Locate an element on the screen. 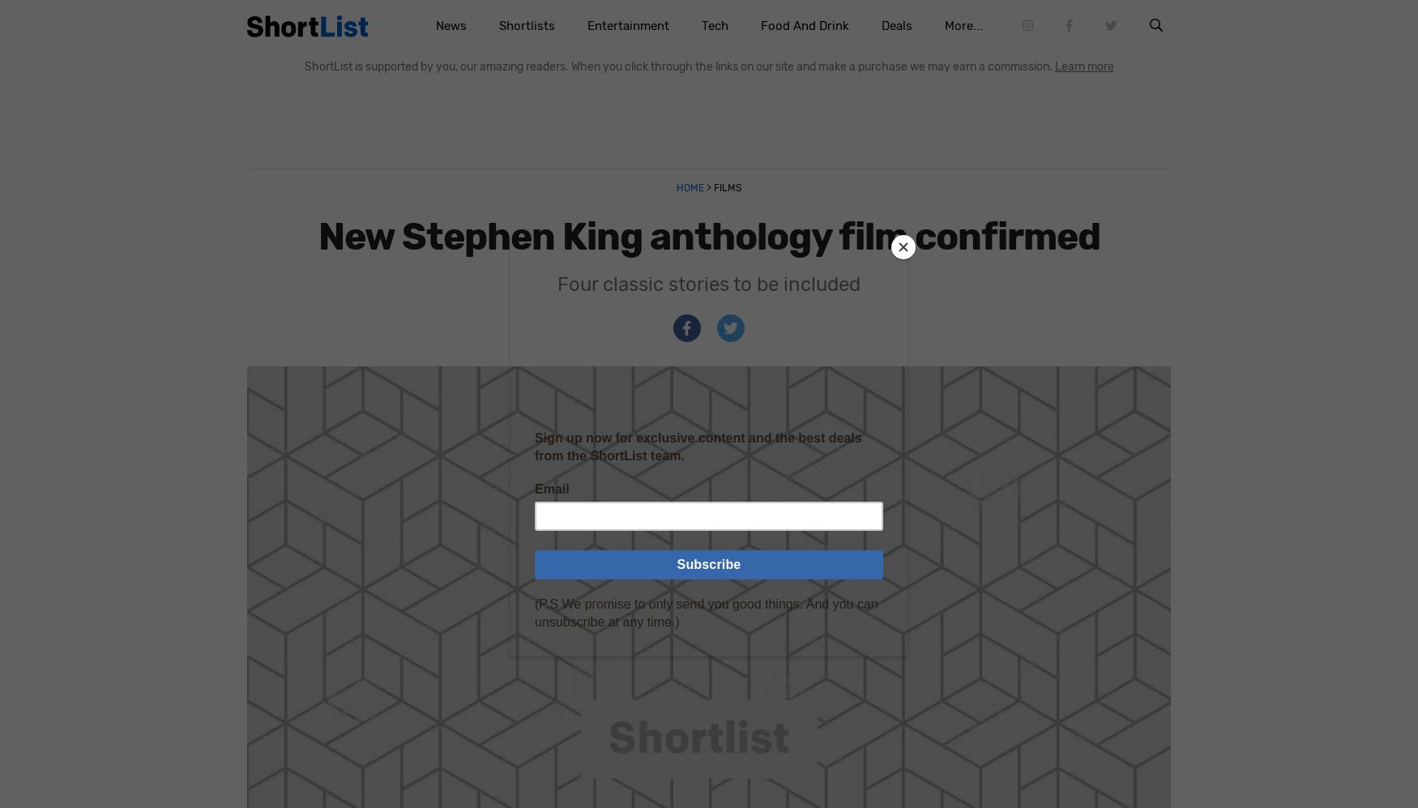 Image resolution: width=1418 pixels, height=808 pixels. 'Films' is located at coordinates (725, 186).